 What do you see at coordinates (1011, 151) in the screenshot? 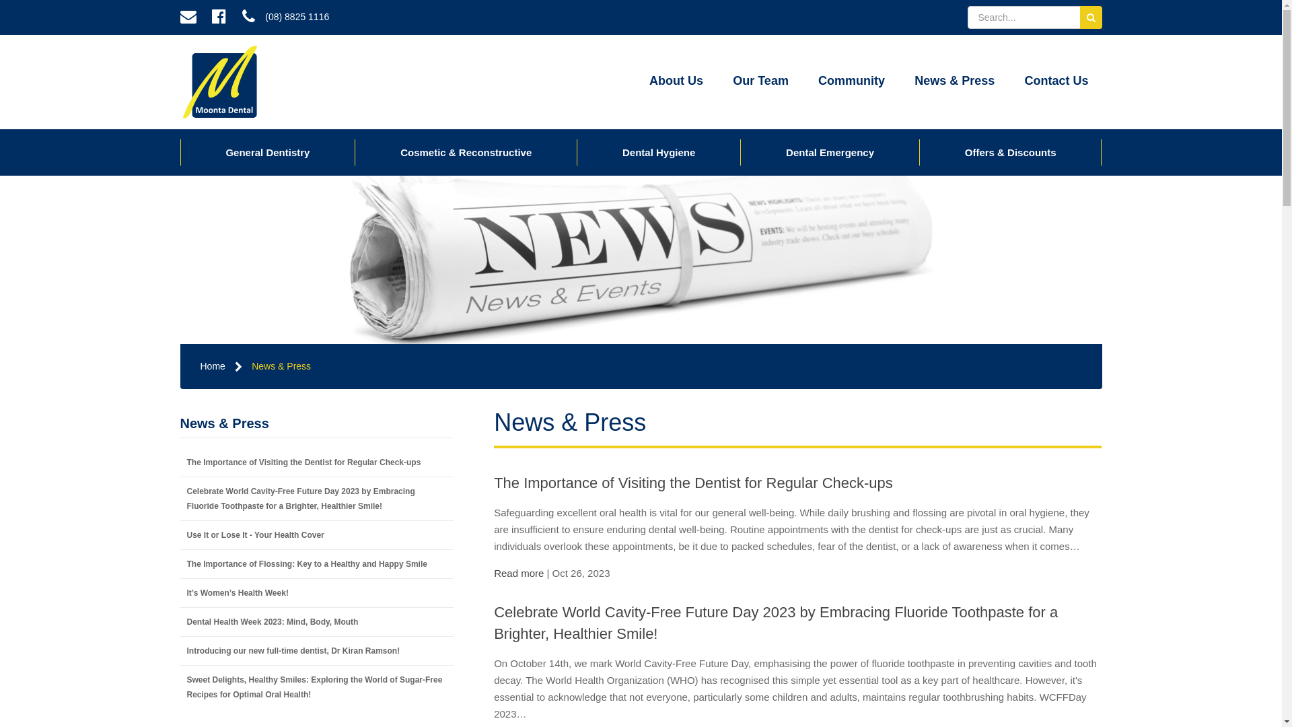
I see `'Offers & Discounts'` at bounding box center [1011, 151].